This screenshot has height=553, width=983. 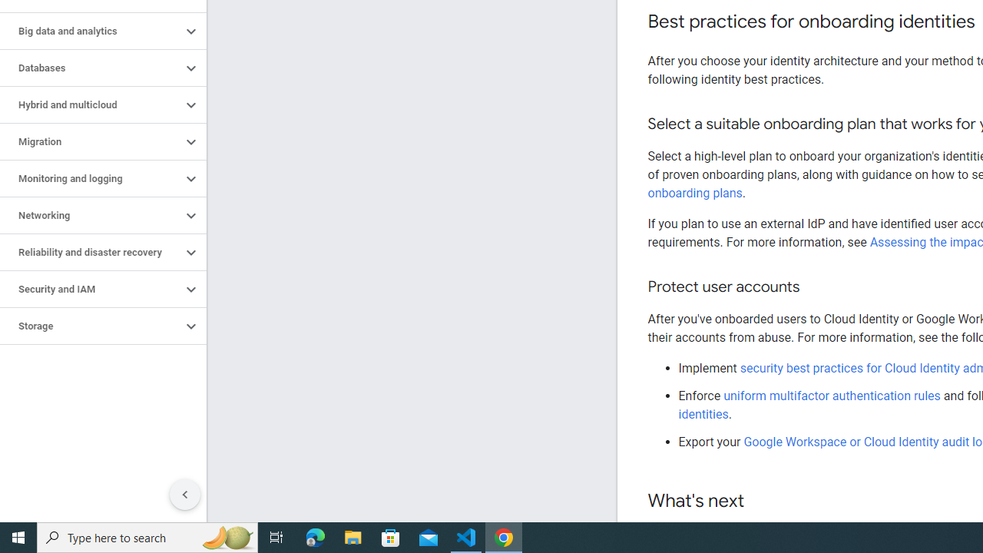 I want to click on 'Hybrid and multicloud', so click(x=90, y=104).